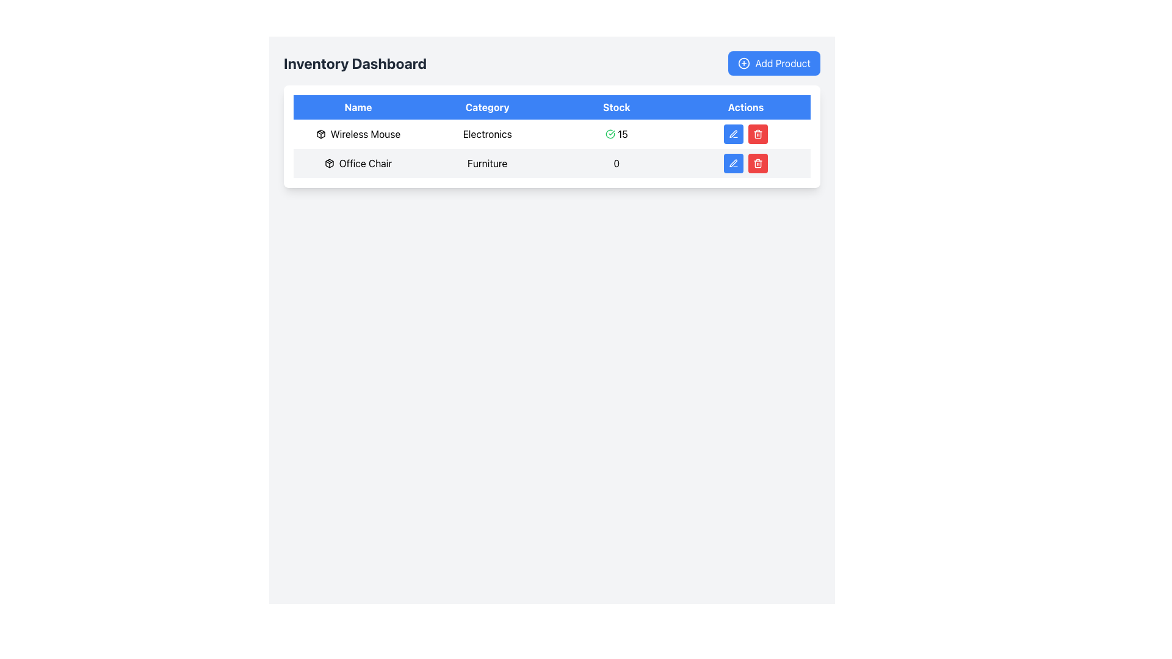  What do you see at coordinates (355, 63) in the screenshot?
I see `the 'Inventory Dashboard' text element, which is a bold and large header styled in grayish-black, located in the upper-left corner of the interface, aligned with the 'Add Product' button` at bounding box center [355, 63].